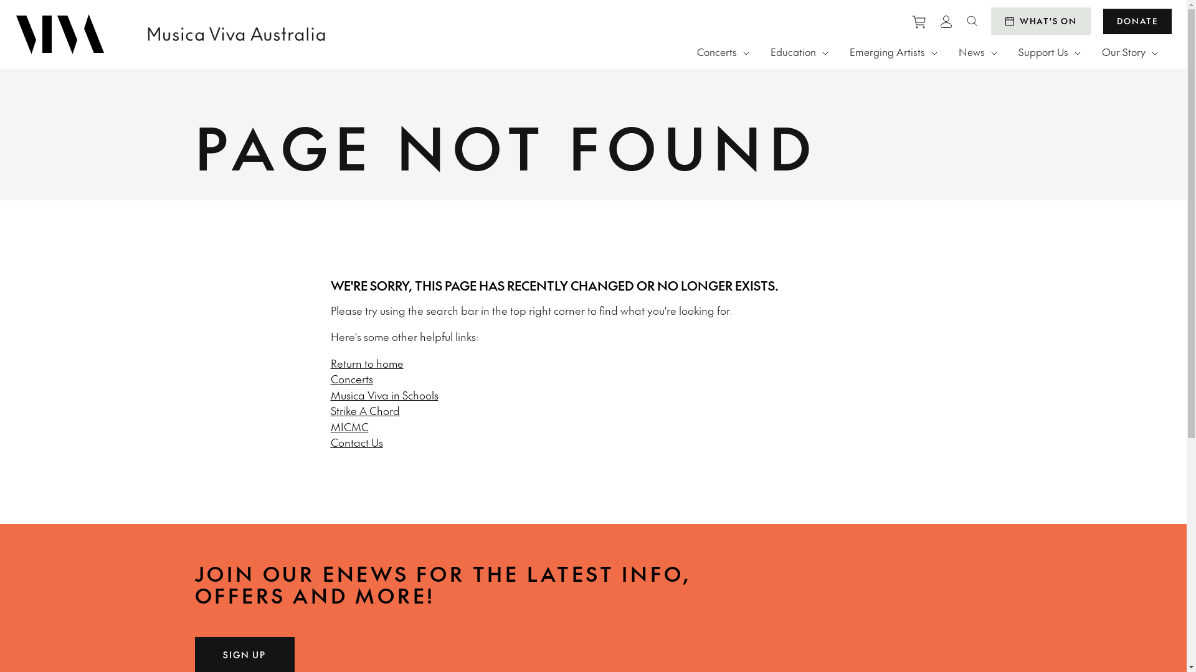  What do you see at coordinates (971, 21) in the screenshot?
I see `'Search website'` at bounding box center [971, 21].